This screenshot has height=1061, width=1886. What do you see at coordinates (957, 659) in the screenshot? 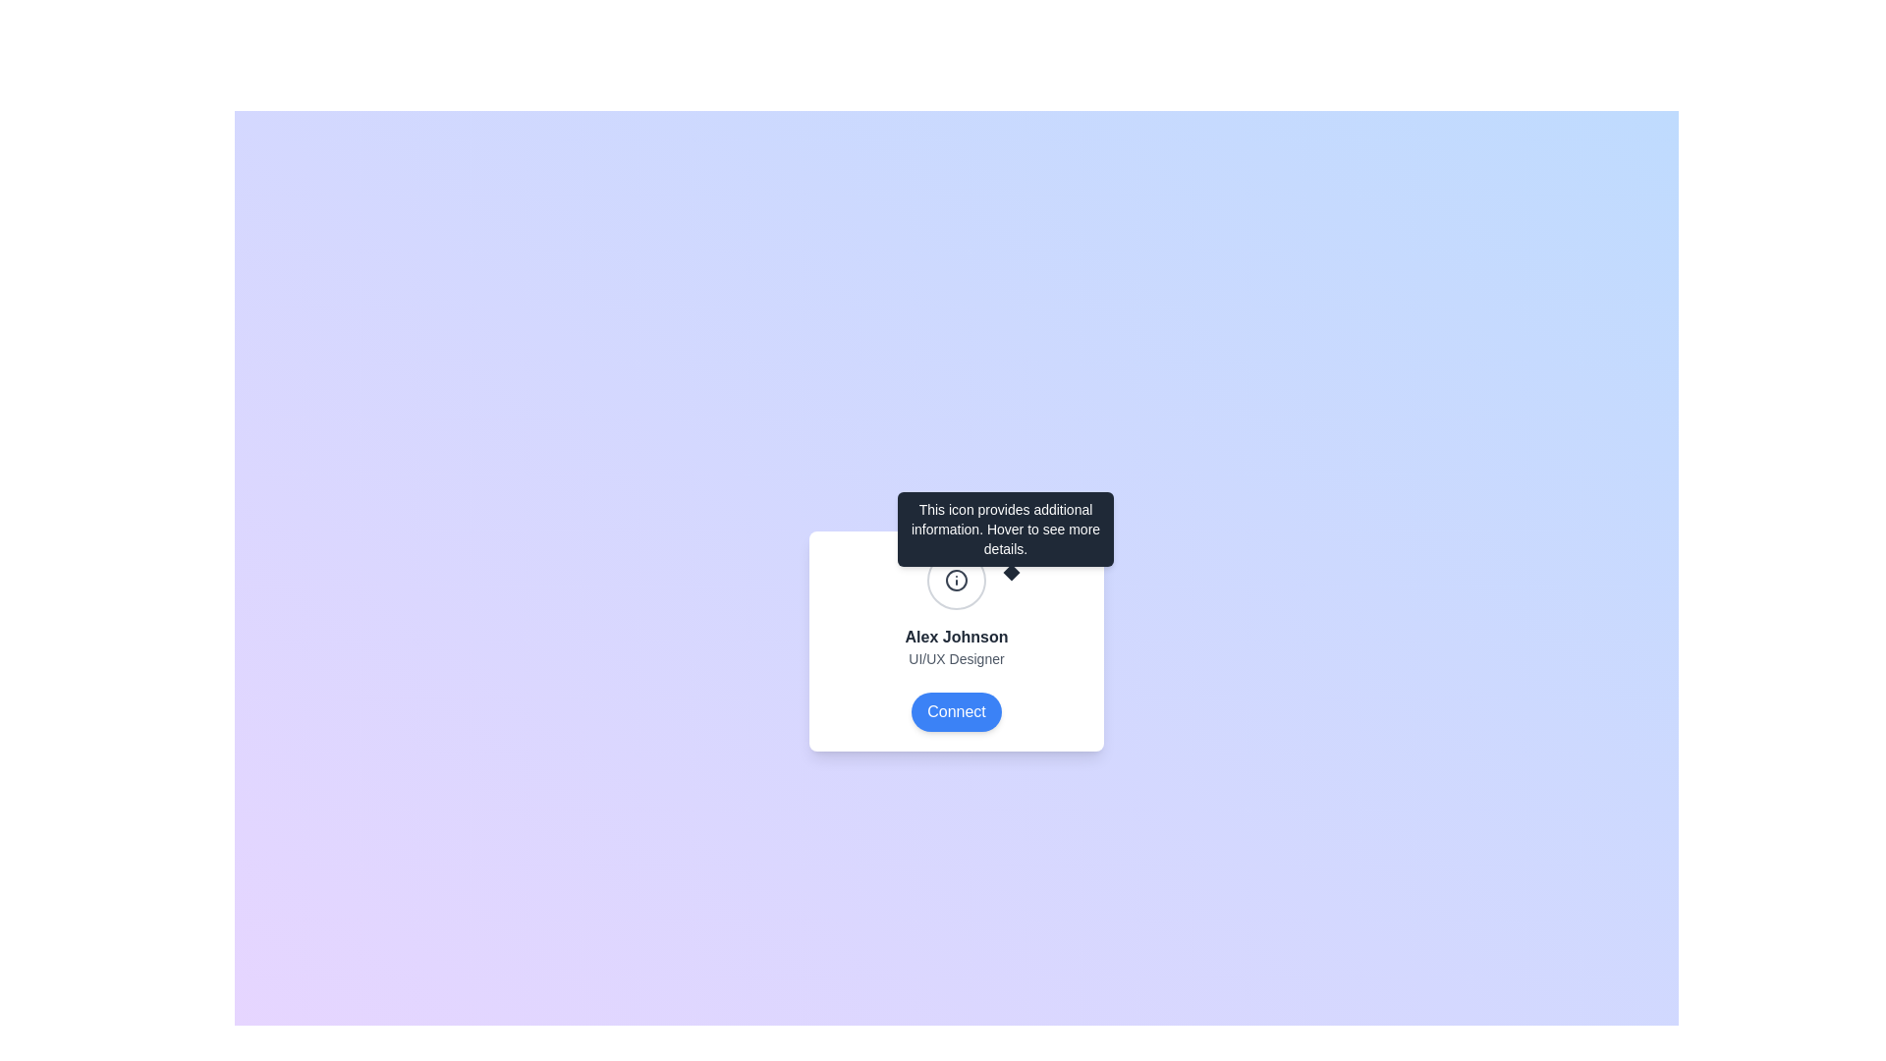
I see `the text label indicating the profession or role associated with 'Alex Johnson', which is positioned below the name and above the 'Connect' button` at bounding box center [957, 659].